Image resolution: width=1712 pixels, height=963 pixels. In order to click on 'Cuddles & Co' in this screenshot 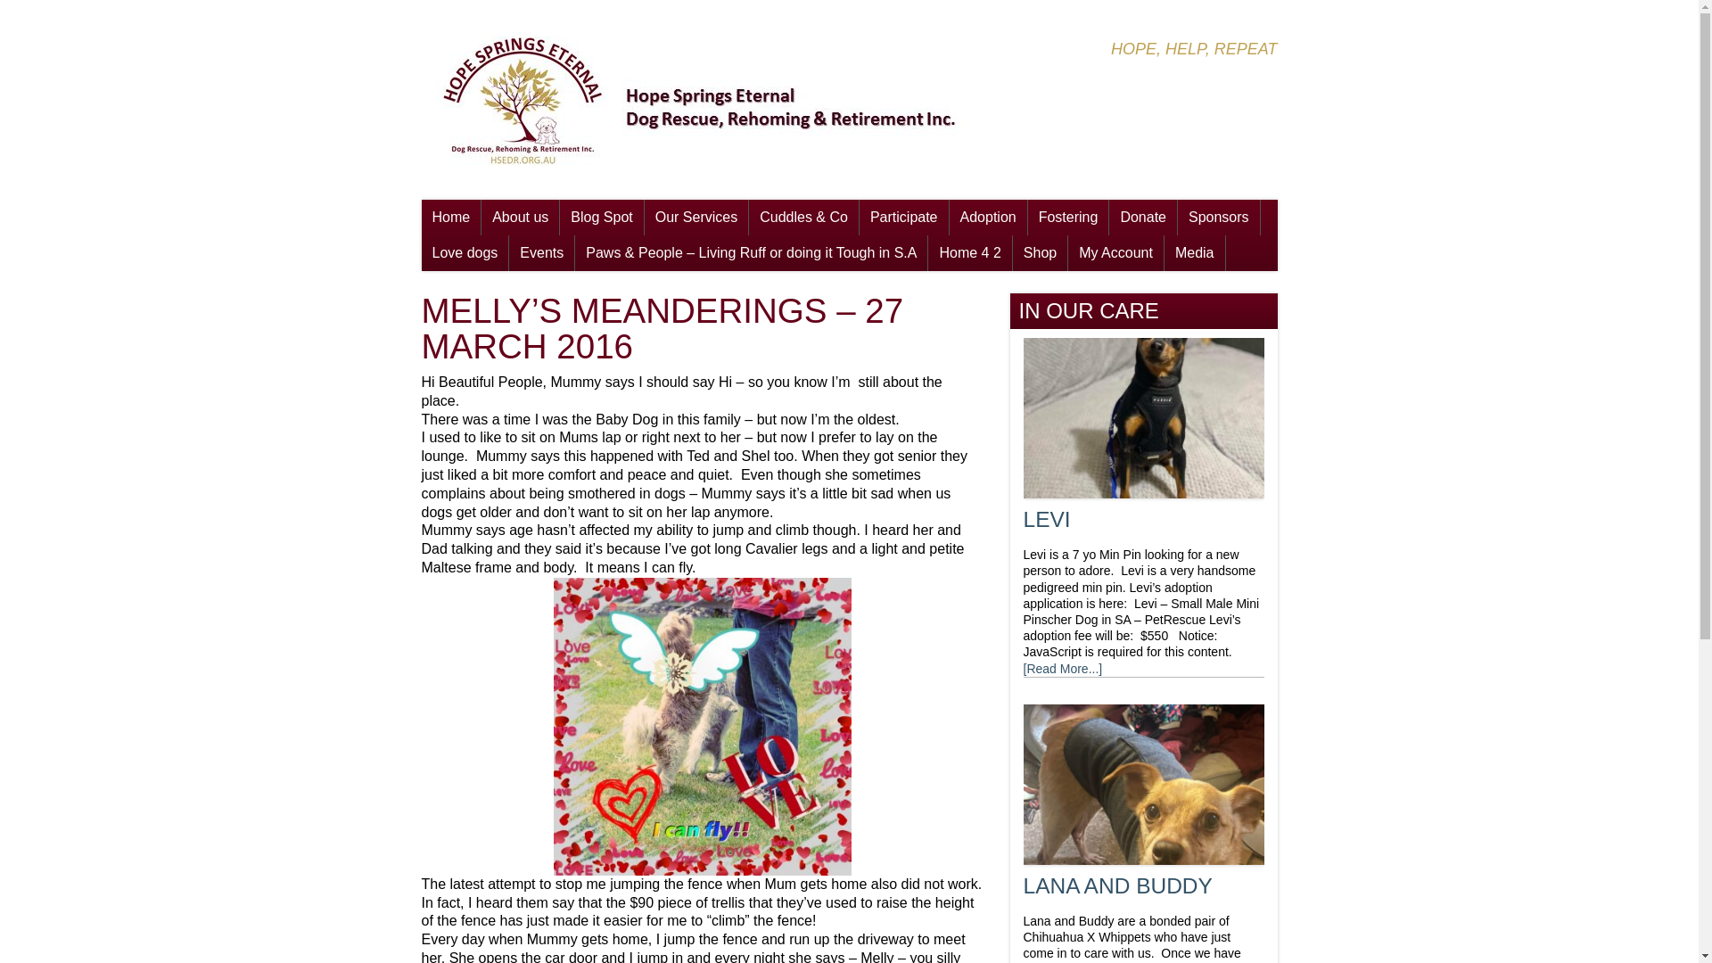, I will do `click(802, 216)`.